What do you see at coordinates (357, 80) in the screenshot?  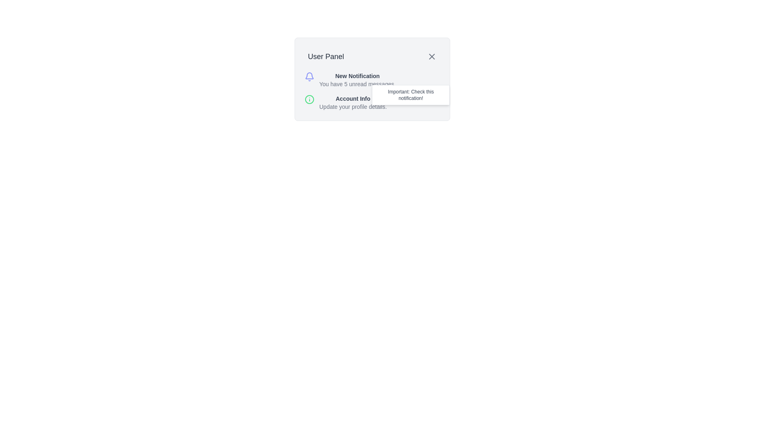 I see `the static text display component that shows 'New Notification' with the description 'You have 5 unread messages.' This element is centrally located within the notification panel` at bounding box center [357, 80].